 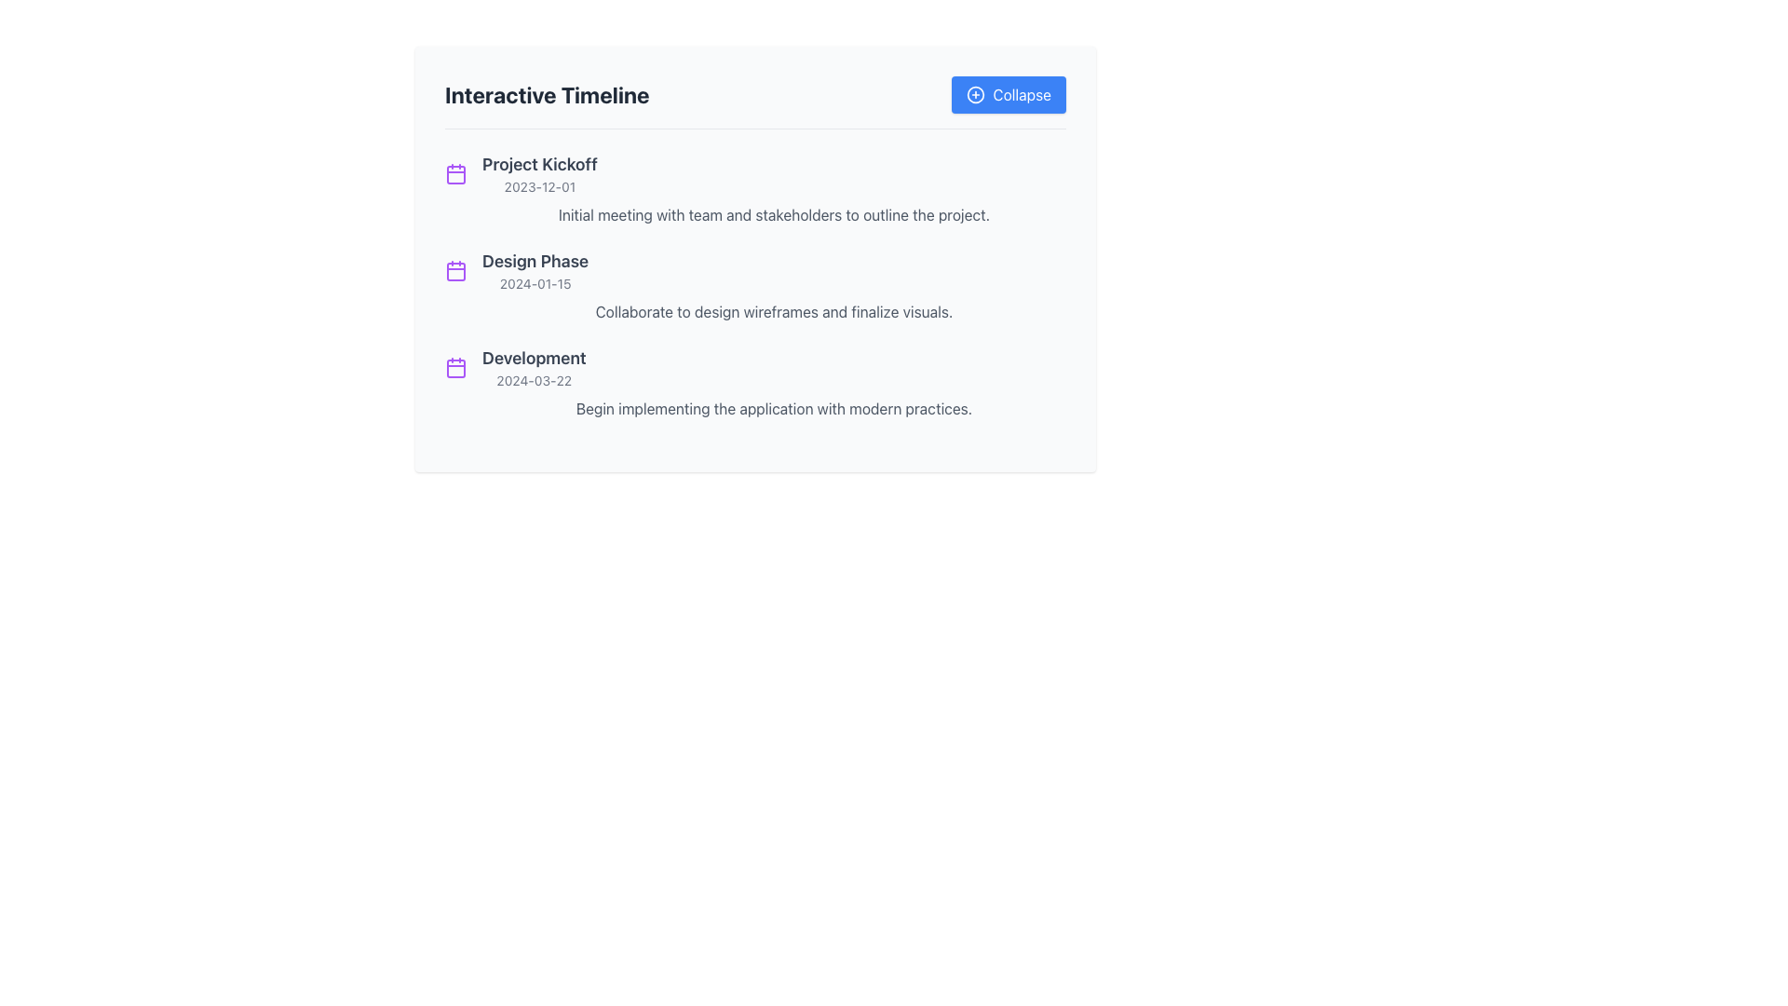 What do you see at coordinates (755, 408) in the screenshot?
I see `the text element reading 'Begin implementing the application with modern practices.' located below the heading 'Development' and the date '2024-03-22'` at bounding box center [755, 408].